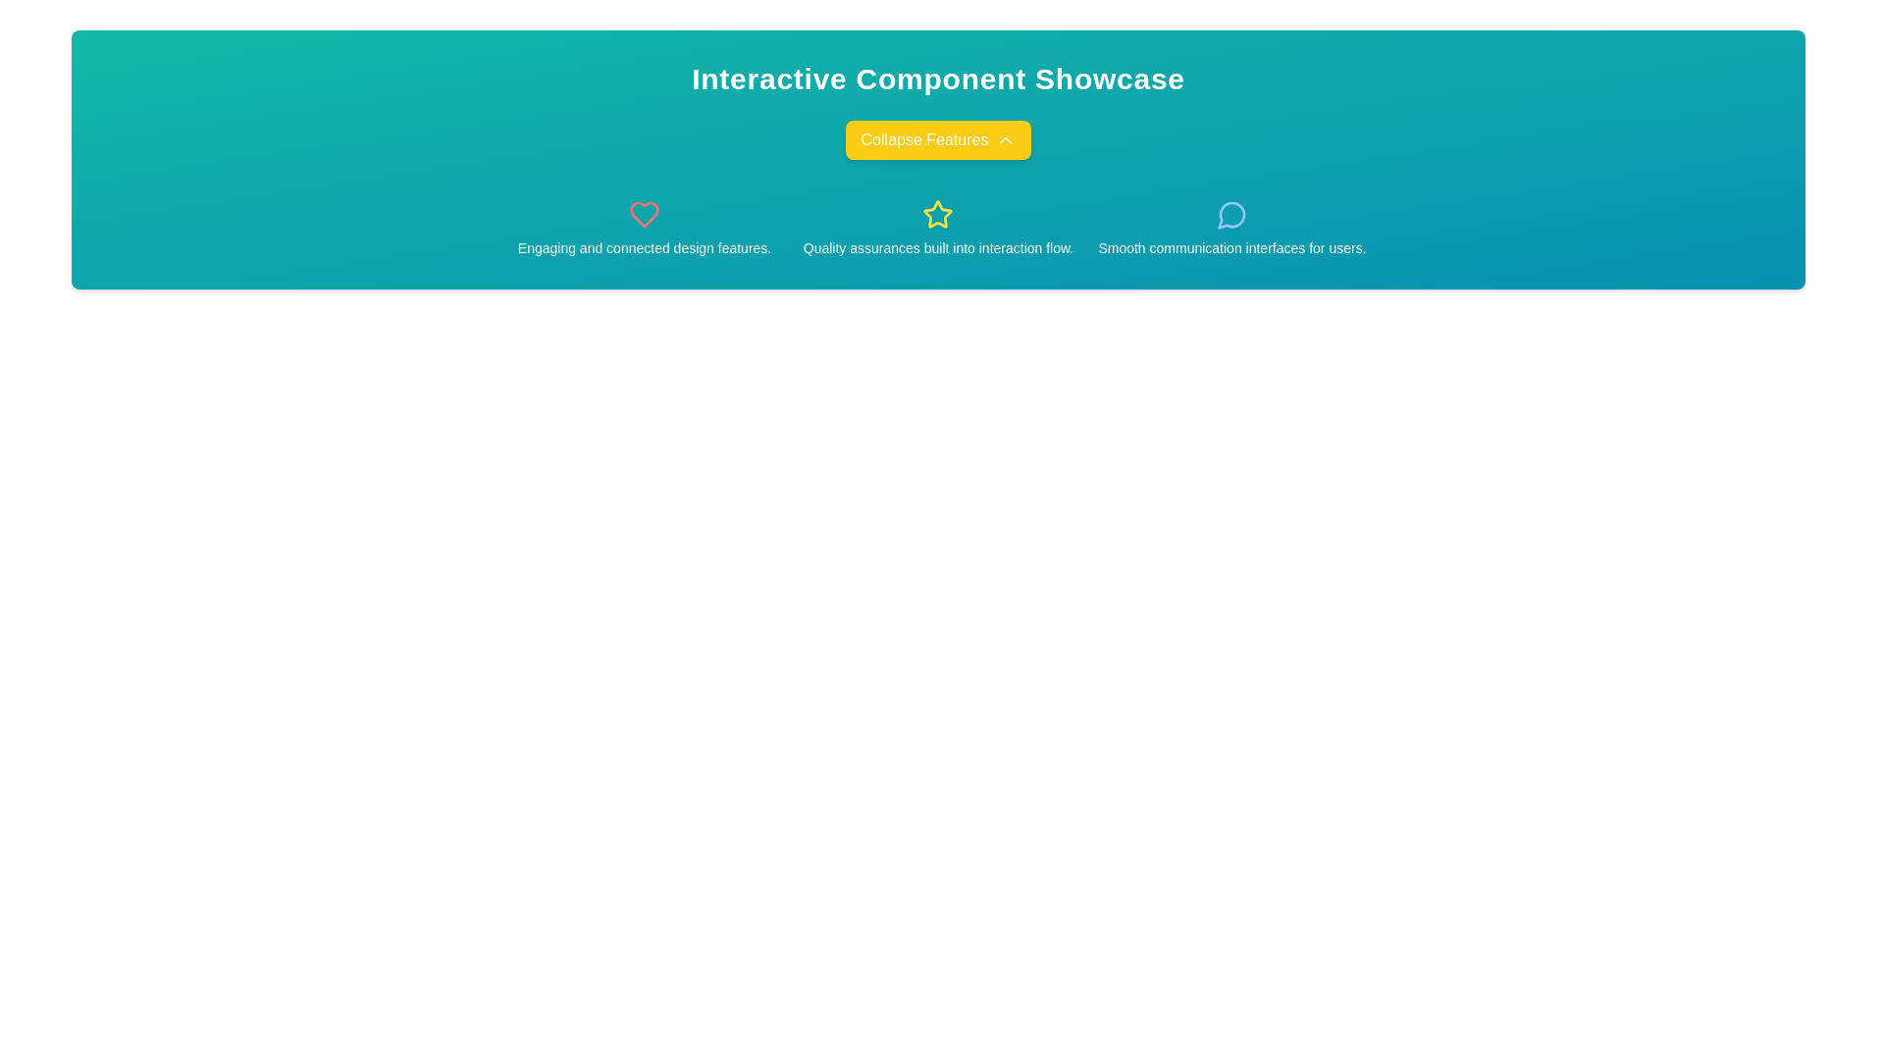  Describe the element at coordinates (1230, 215) in the screenshot. I see `the chat symbol SVG graphic icon, which is the fourth icon in a row of four` at that location.